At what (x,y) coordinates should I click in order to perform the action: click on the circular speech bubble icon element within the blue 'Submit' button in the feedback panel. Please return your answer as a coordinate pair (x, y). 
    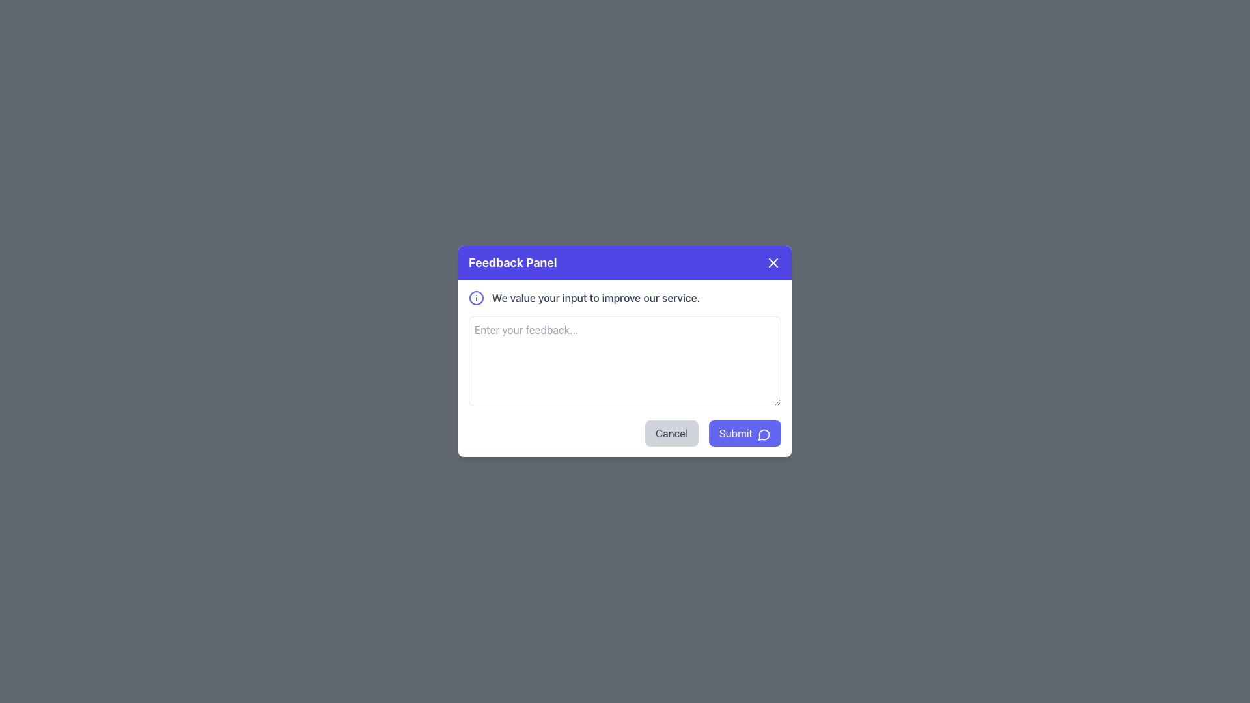
    Looking at the image, I should click on (764, 435).